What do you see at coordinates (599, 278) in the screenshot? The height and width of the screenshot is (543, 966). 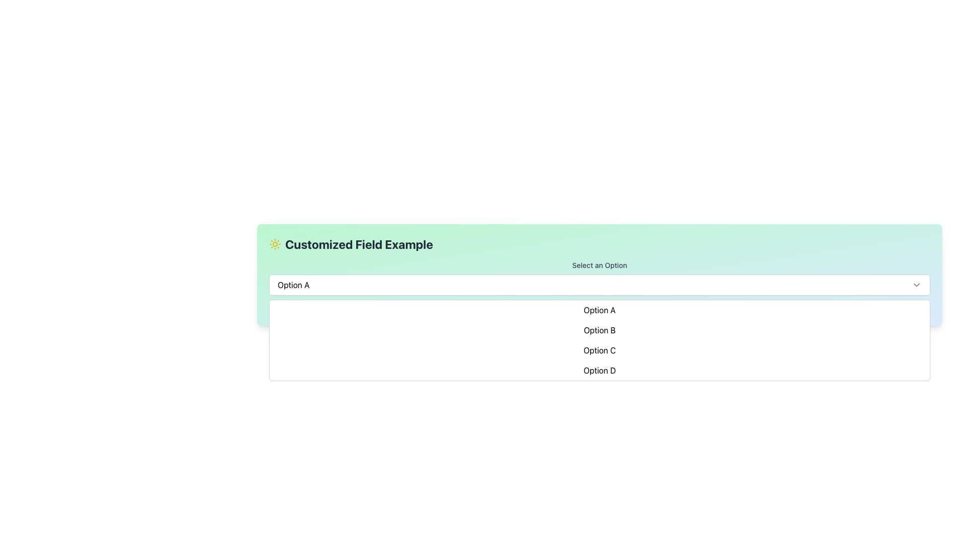 I see `the dropdown menu labeled 'Select an Option'` at bounding box center [599, 278].